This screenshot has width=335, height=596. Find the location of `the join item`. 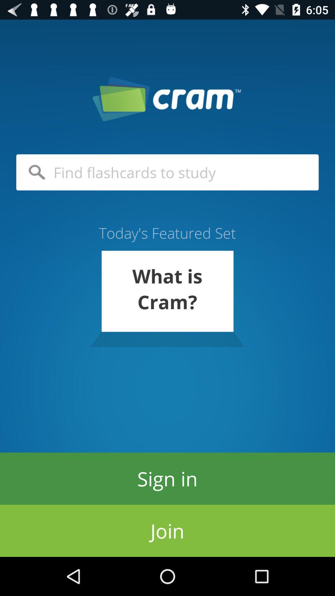

the join item is located at coordinates (167, 530).